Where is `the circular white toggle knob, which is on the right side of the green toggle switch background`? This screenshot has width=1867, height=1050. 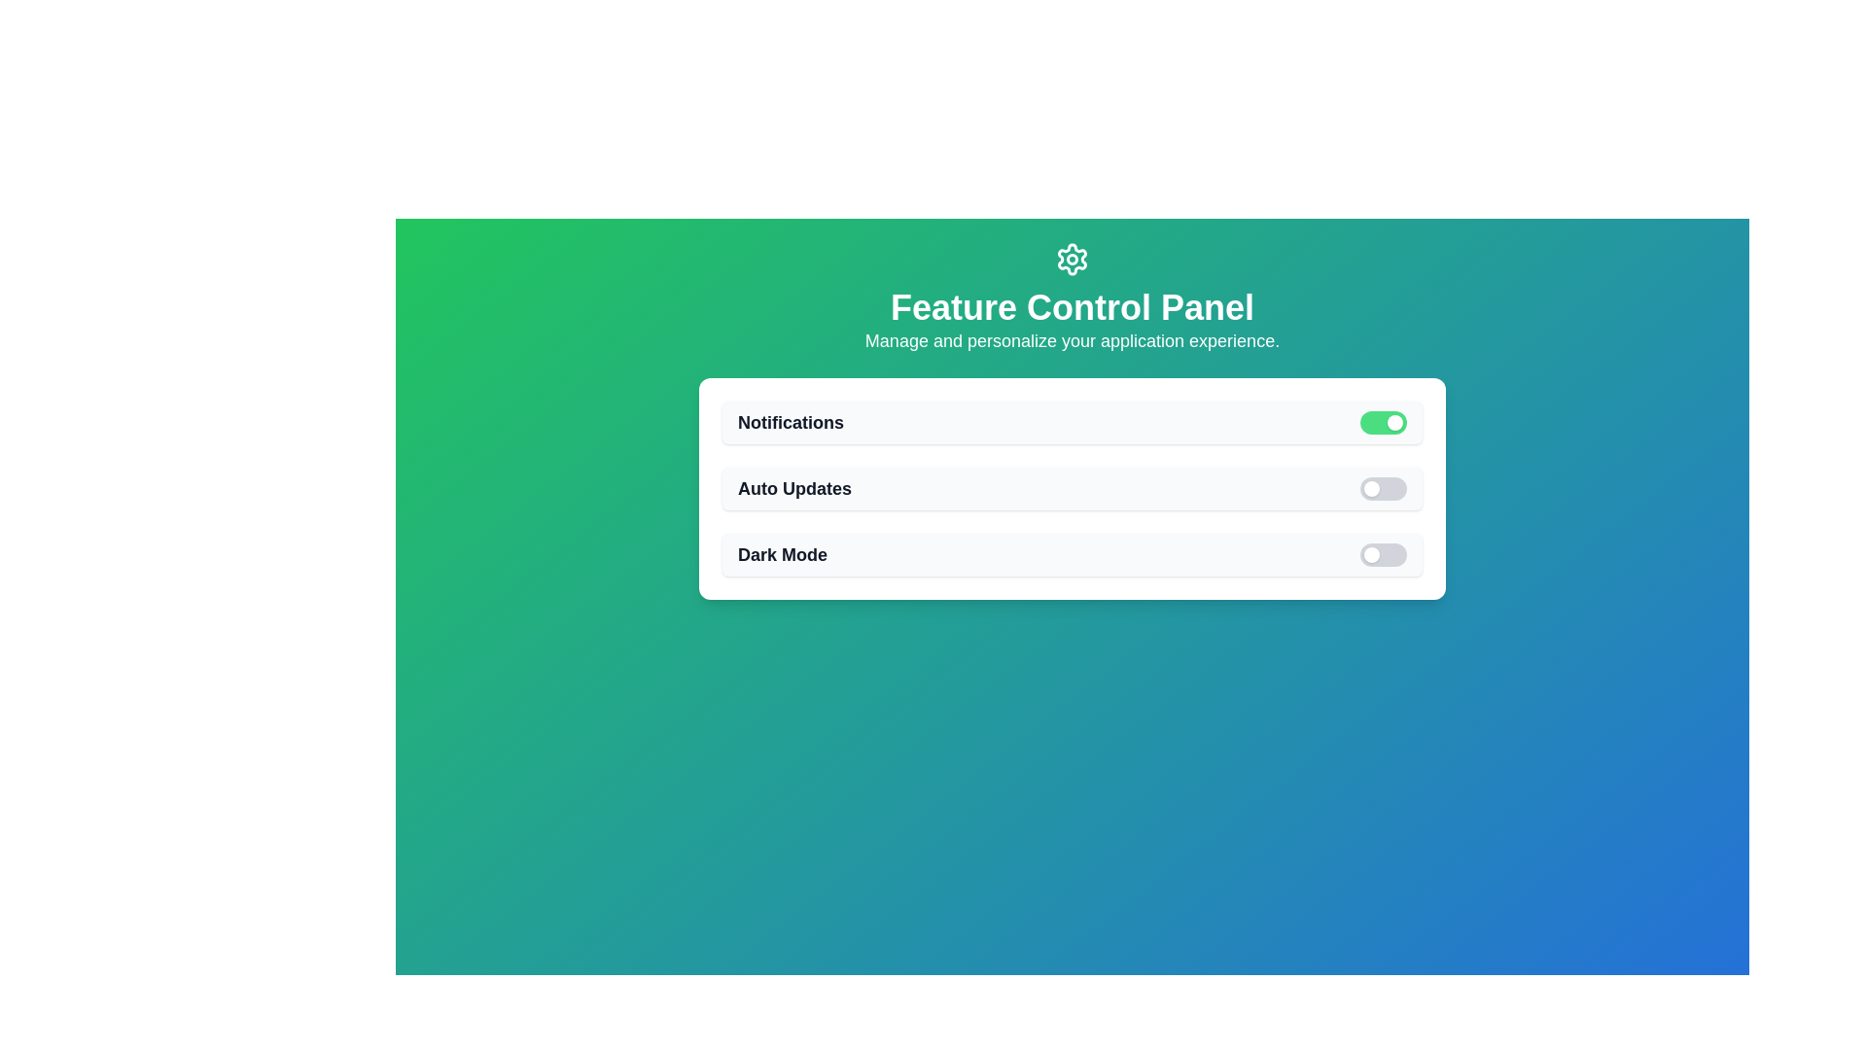 the circular white toggle knob, which is on the right side of the green toggle switch background is located at coordinates (1394, 422).